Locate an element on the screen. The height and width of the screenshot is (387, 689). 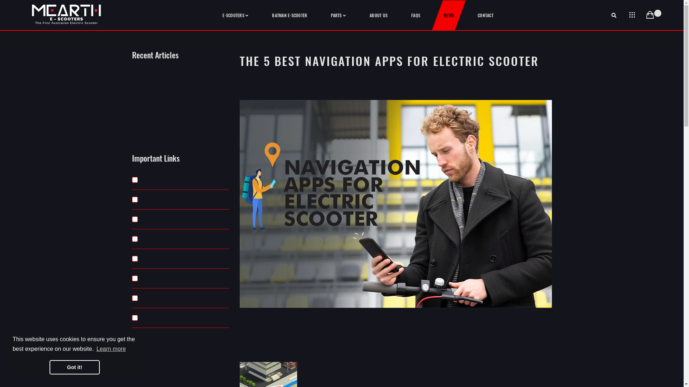
'CONTACT' is located at coordinates (486, 15).